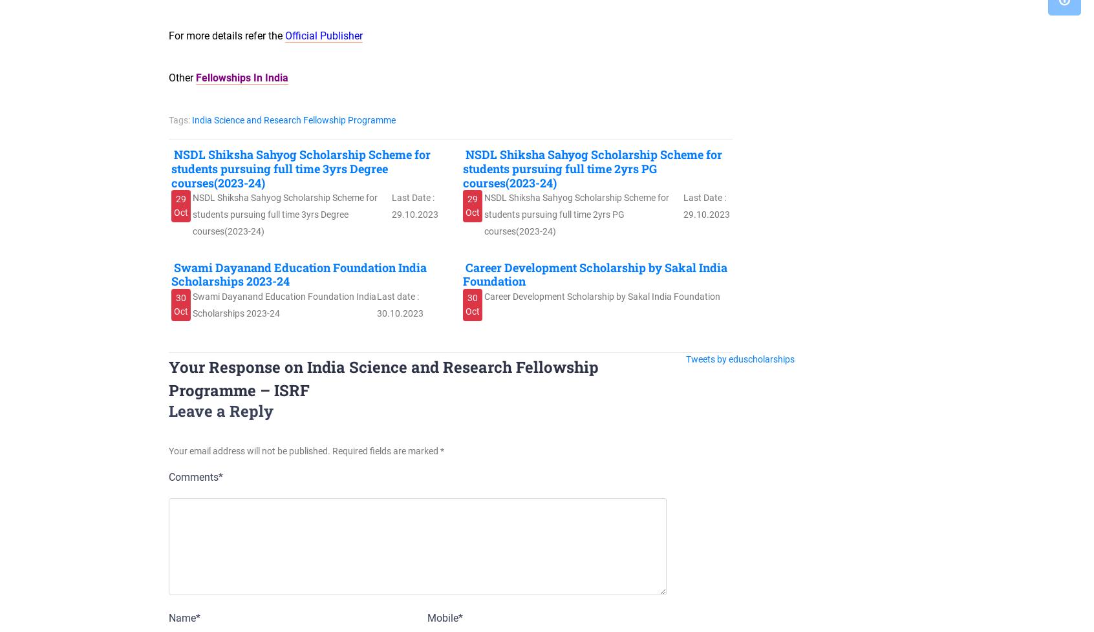 This screenshot has width=1094, height=632. What do you see at coordinates (242, 77) in the screenshot?
I see `'Fellowships In India'` at bounding box center [242, 77].